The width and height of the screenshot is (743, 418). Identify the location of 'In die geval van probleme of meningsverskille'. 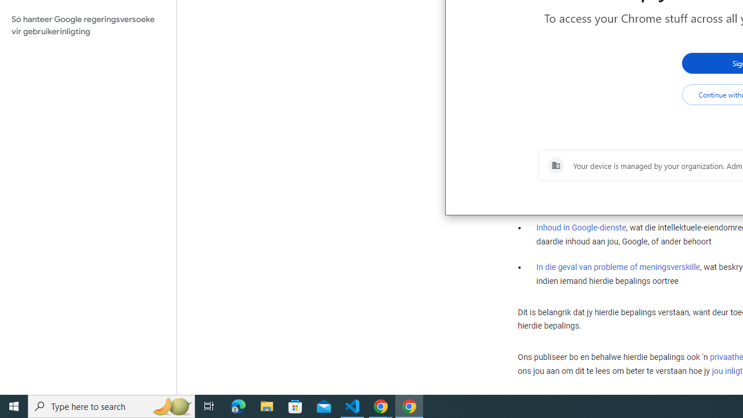
(617, 266).